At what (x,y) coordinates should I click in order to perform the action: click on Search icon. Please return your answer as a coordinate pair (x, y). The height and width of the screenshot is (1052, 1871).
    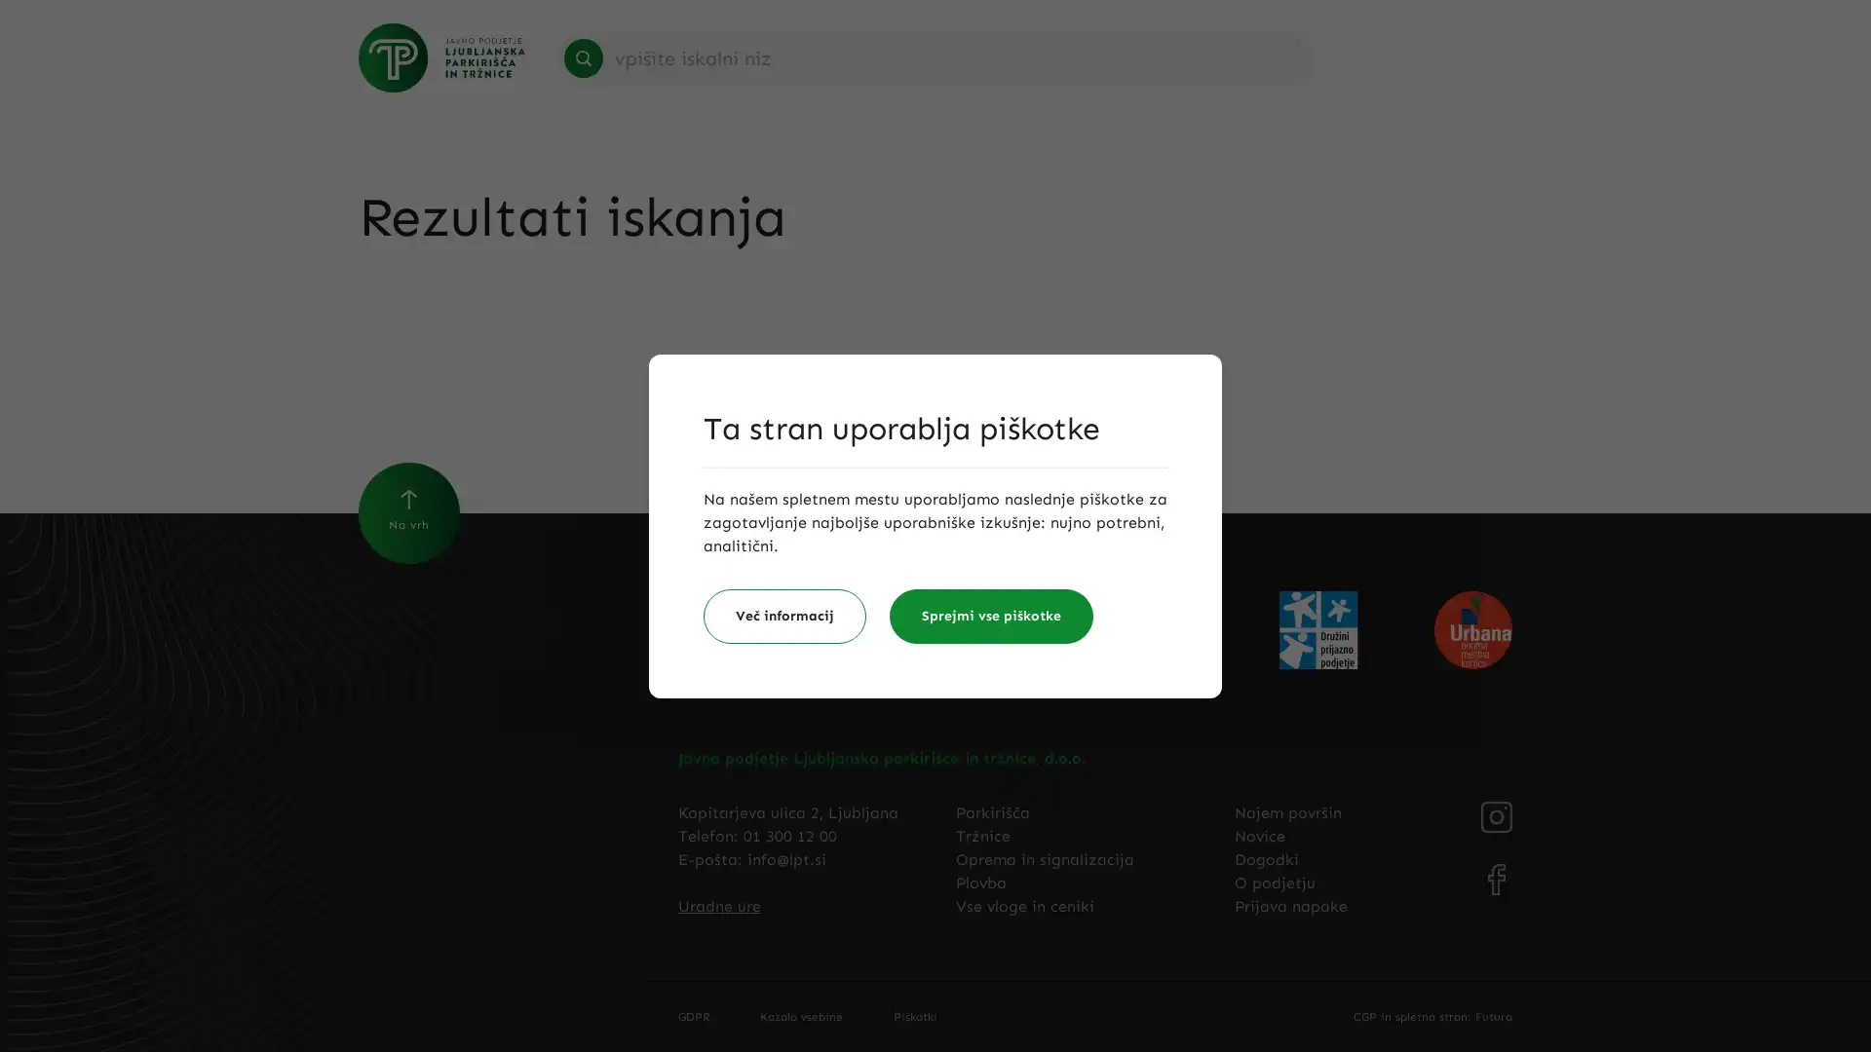
    Looking at the image, I should click on (582, 56).